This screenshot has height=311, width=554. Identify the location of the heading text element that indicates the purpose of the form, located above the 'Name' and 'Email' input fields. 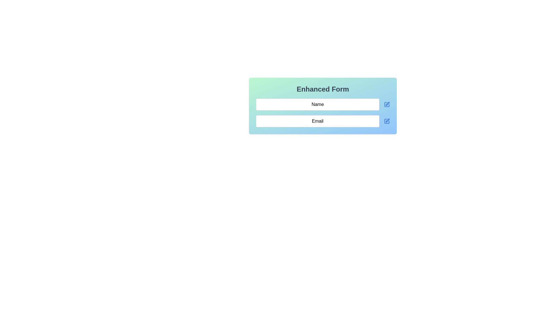
(322, 89).